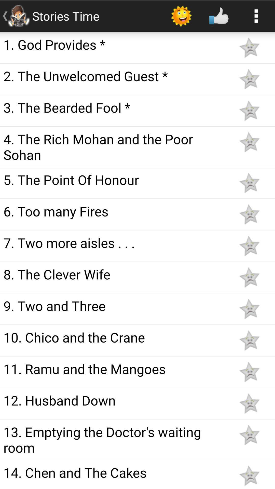 This screenshot has height=489, width=275. What do you see at coordinates (249, 183) in the screenshot?
I see `favorite` at bounding box center [249, 183].